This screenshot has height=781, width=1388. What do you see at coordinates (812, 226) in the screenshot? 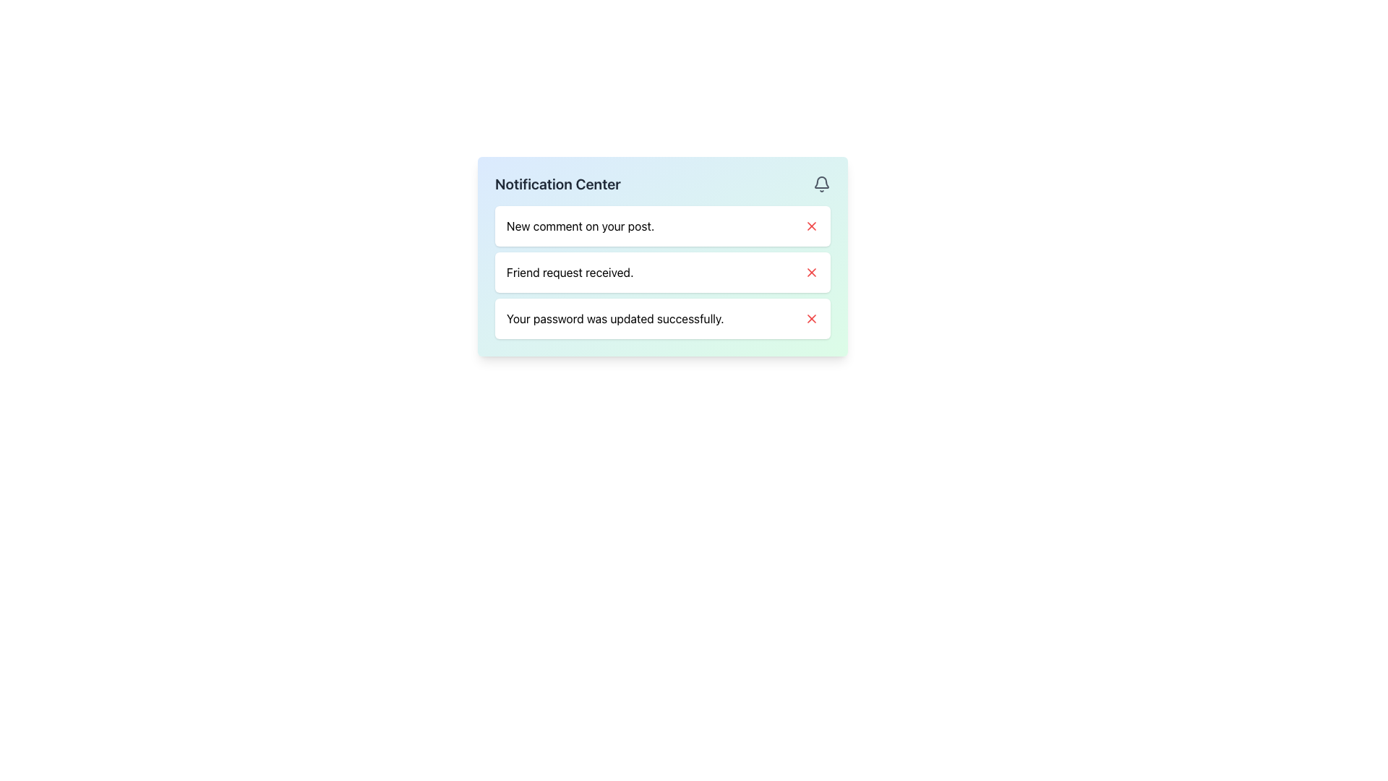
I see `the Close icon located at the top-right corner of the first notification card` at bounding box center [812, 226].